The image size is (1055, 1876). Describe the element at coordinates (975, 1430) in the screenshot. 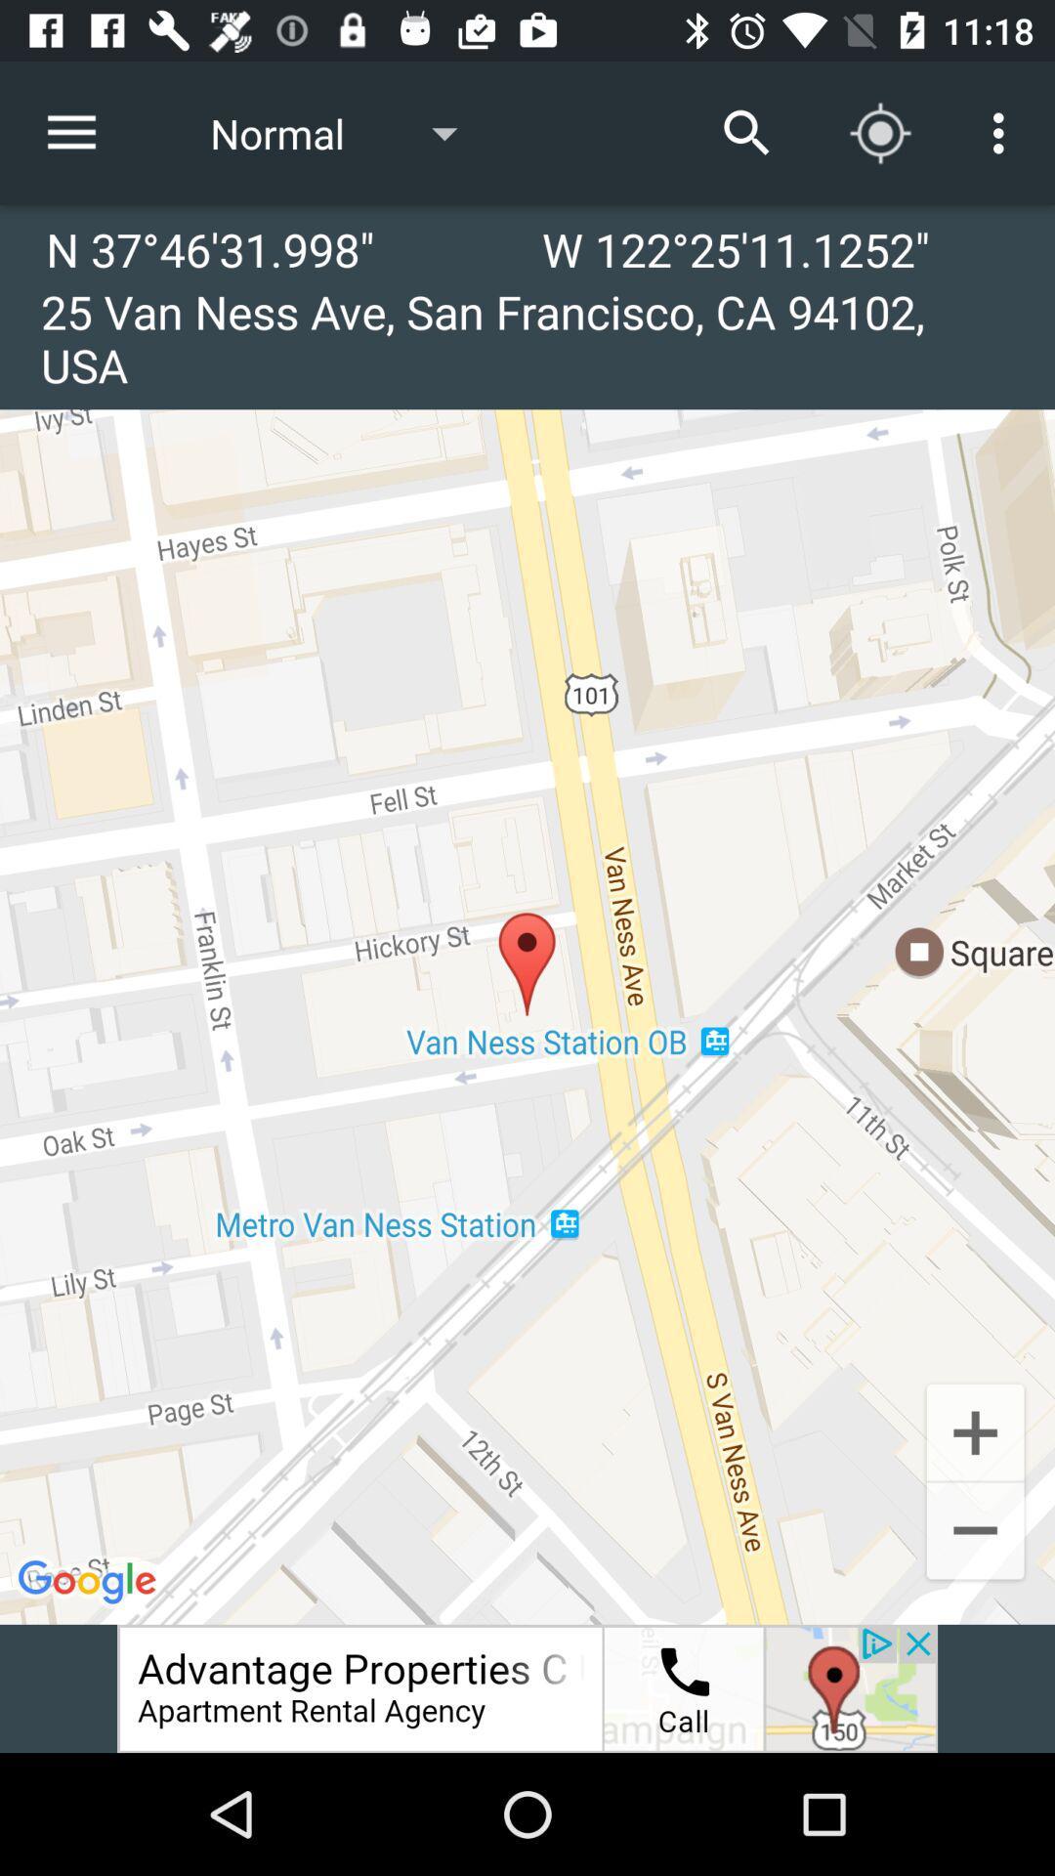

I see `the add icon` at that location.